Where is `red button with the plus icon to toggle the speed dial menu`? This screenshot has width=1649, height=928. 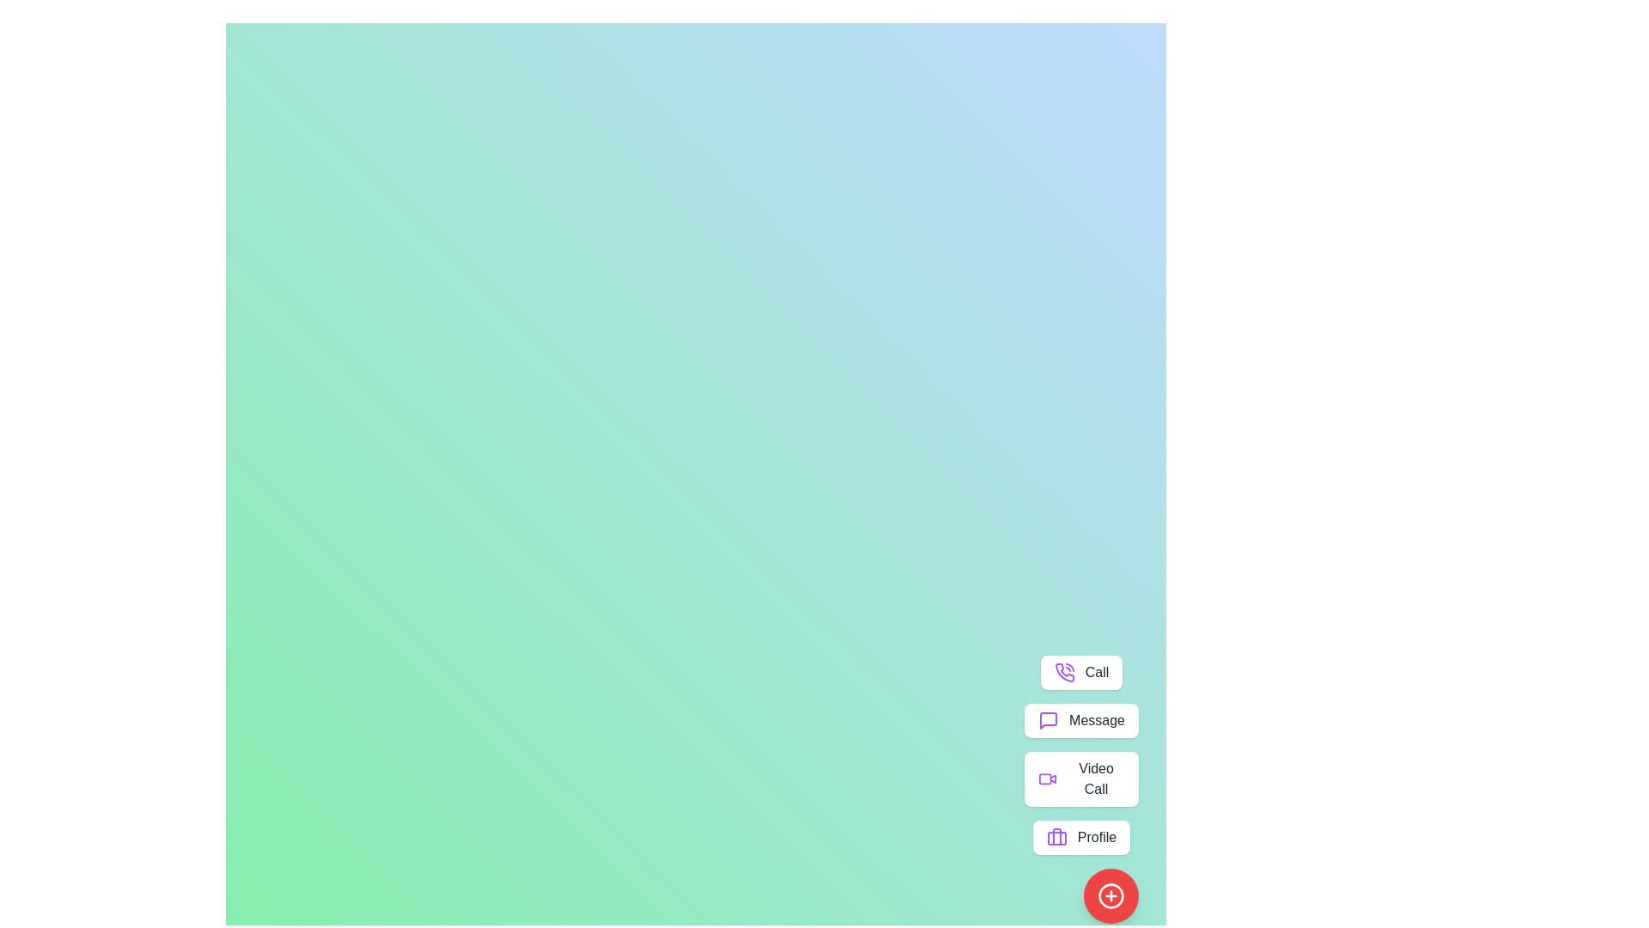 red button with the plus icon to toggle the speed dial menu is located at coordinates (1111, 894).